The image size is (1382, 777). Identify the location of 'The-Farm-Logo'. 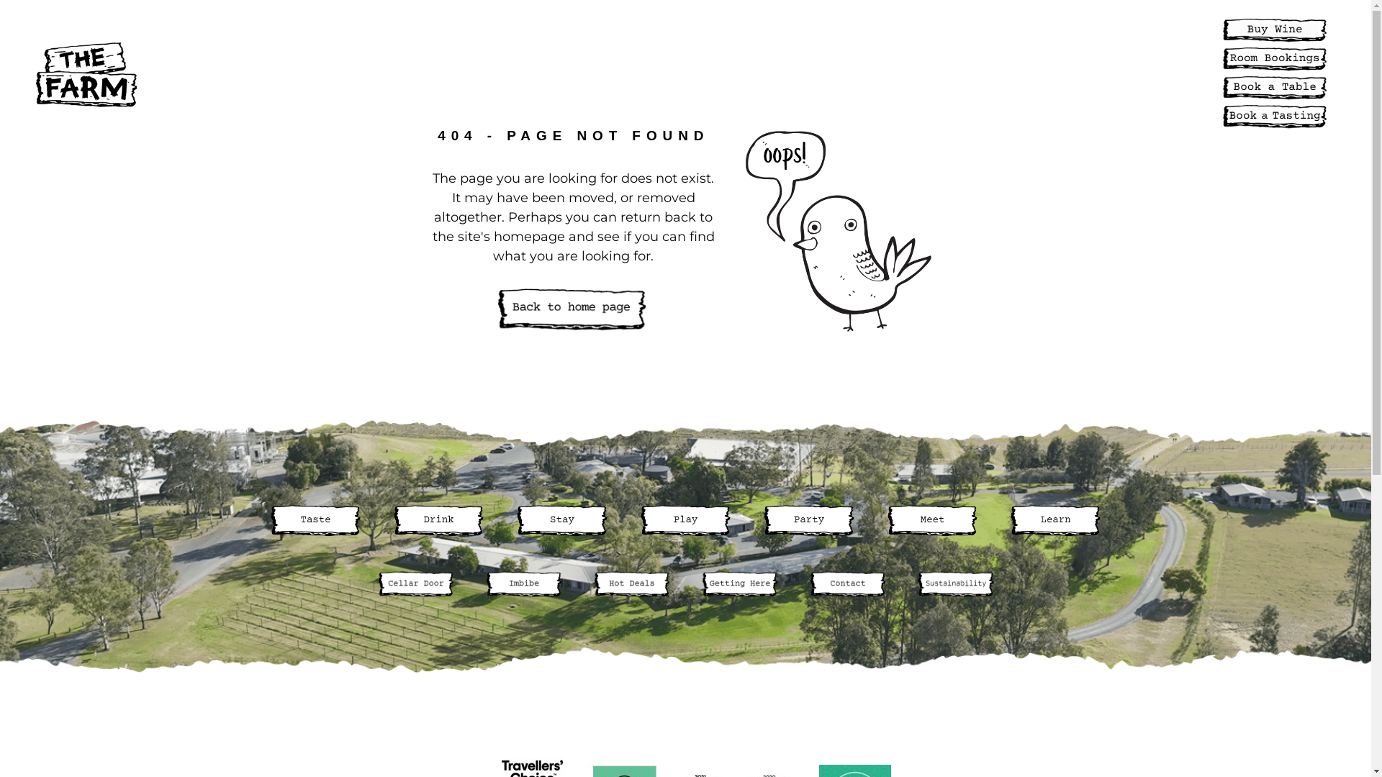
(86, 75).